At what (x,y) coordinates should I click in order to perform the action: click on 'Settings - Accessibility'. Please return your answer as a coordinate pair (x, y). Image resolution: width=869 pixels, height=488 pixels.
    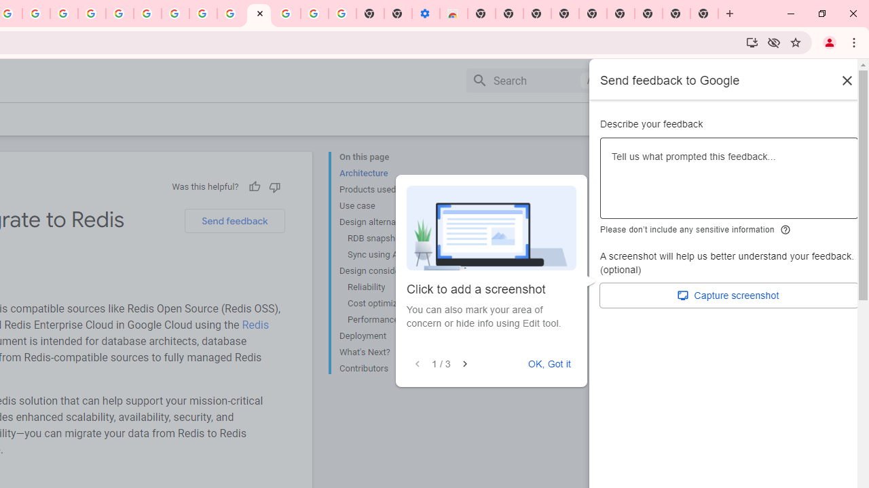
    Looking at the image, I should click on (425, 14).